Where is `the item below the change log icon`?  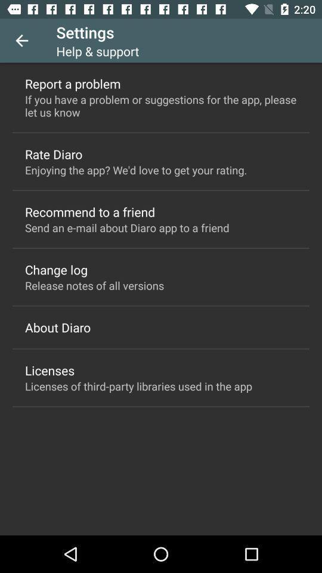 the item below the change log icon is located at coordinates (94, 285).